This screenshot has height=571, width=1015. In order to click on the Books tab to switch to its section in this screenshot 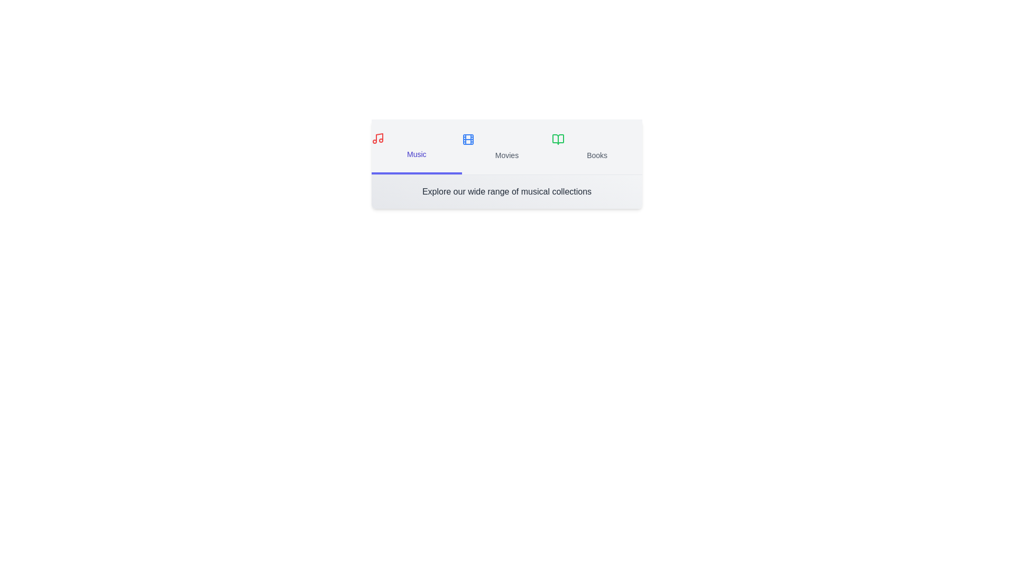, I will do `click(597, 146)`.